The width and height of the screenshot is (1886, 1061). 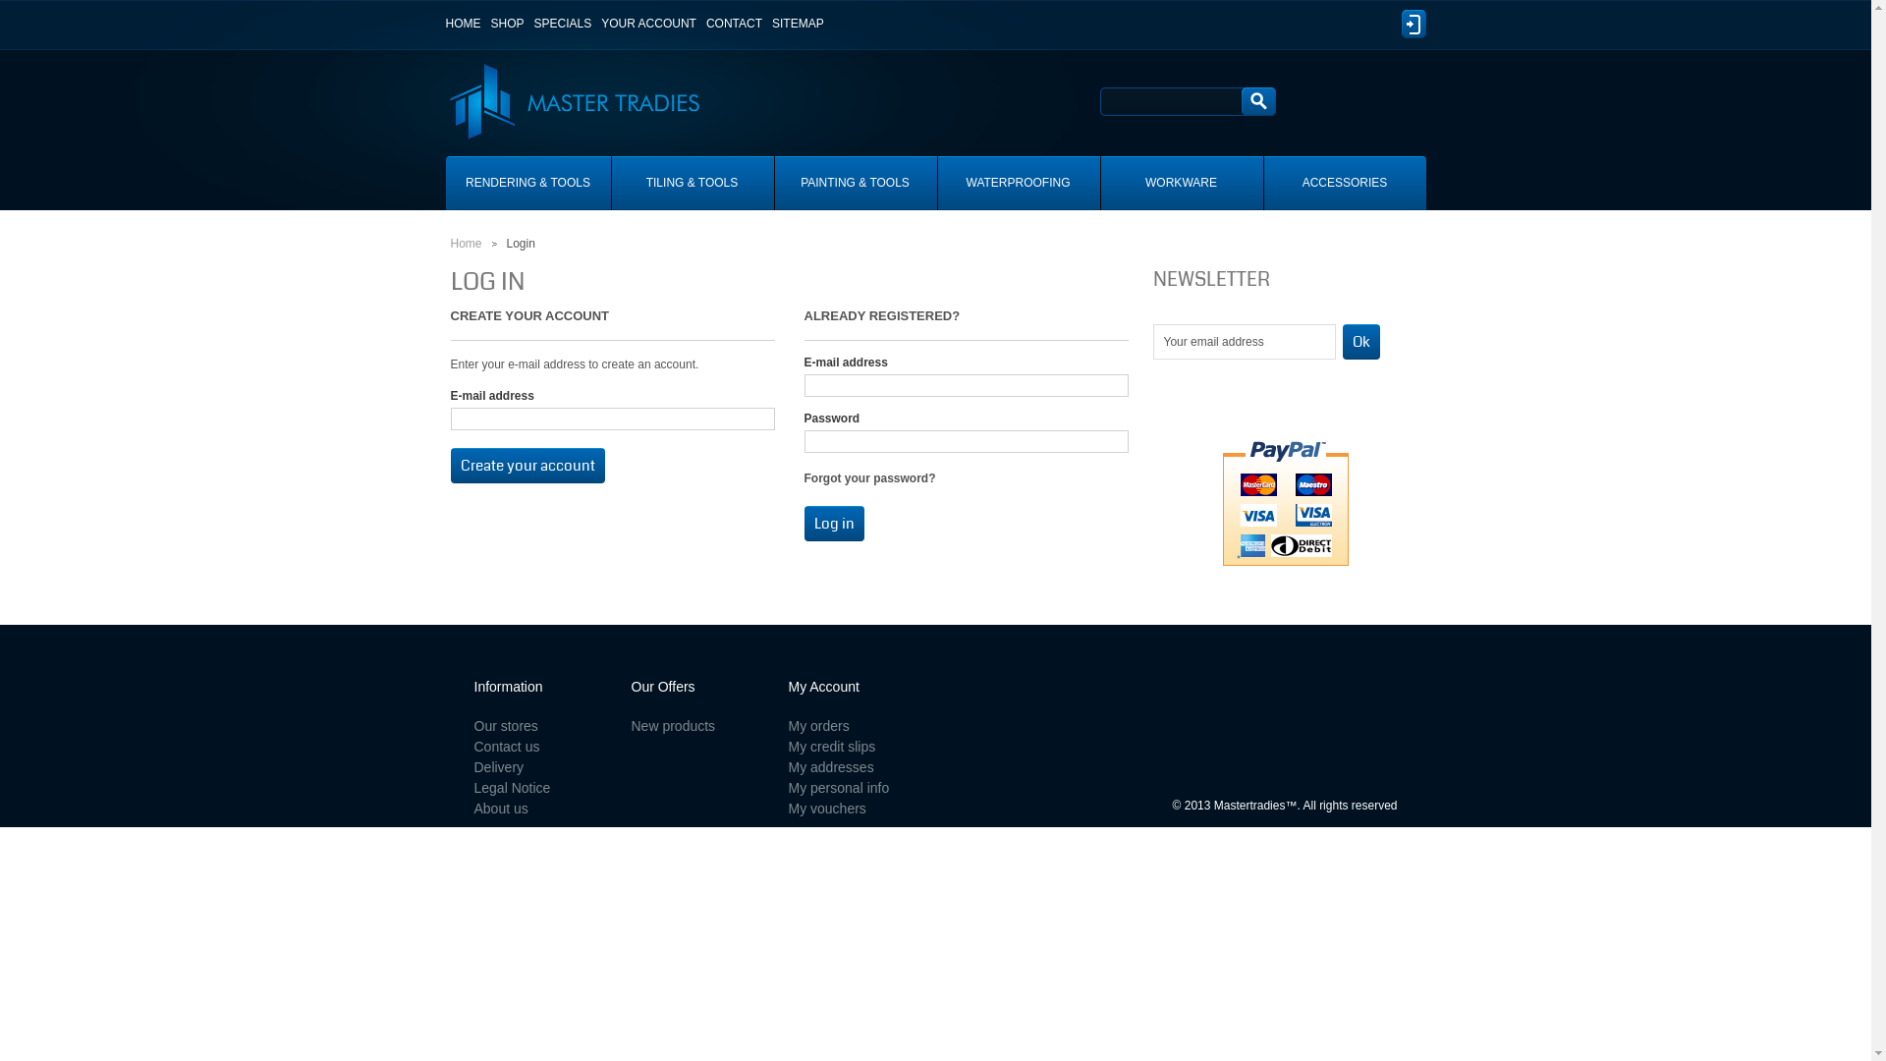 I want to click on 'CONTACT', so click(x=733, y=23).